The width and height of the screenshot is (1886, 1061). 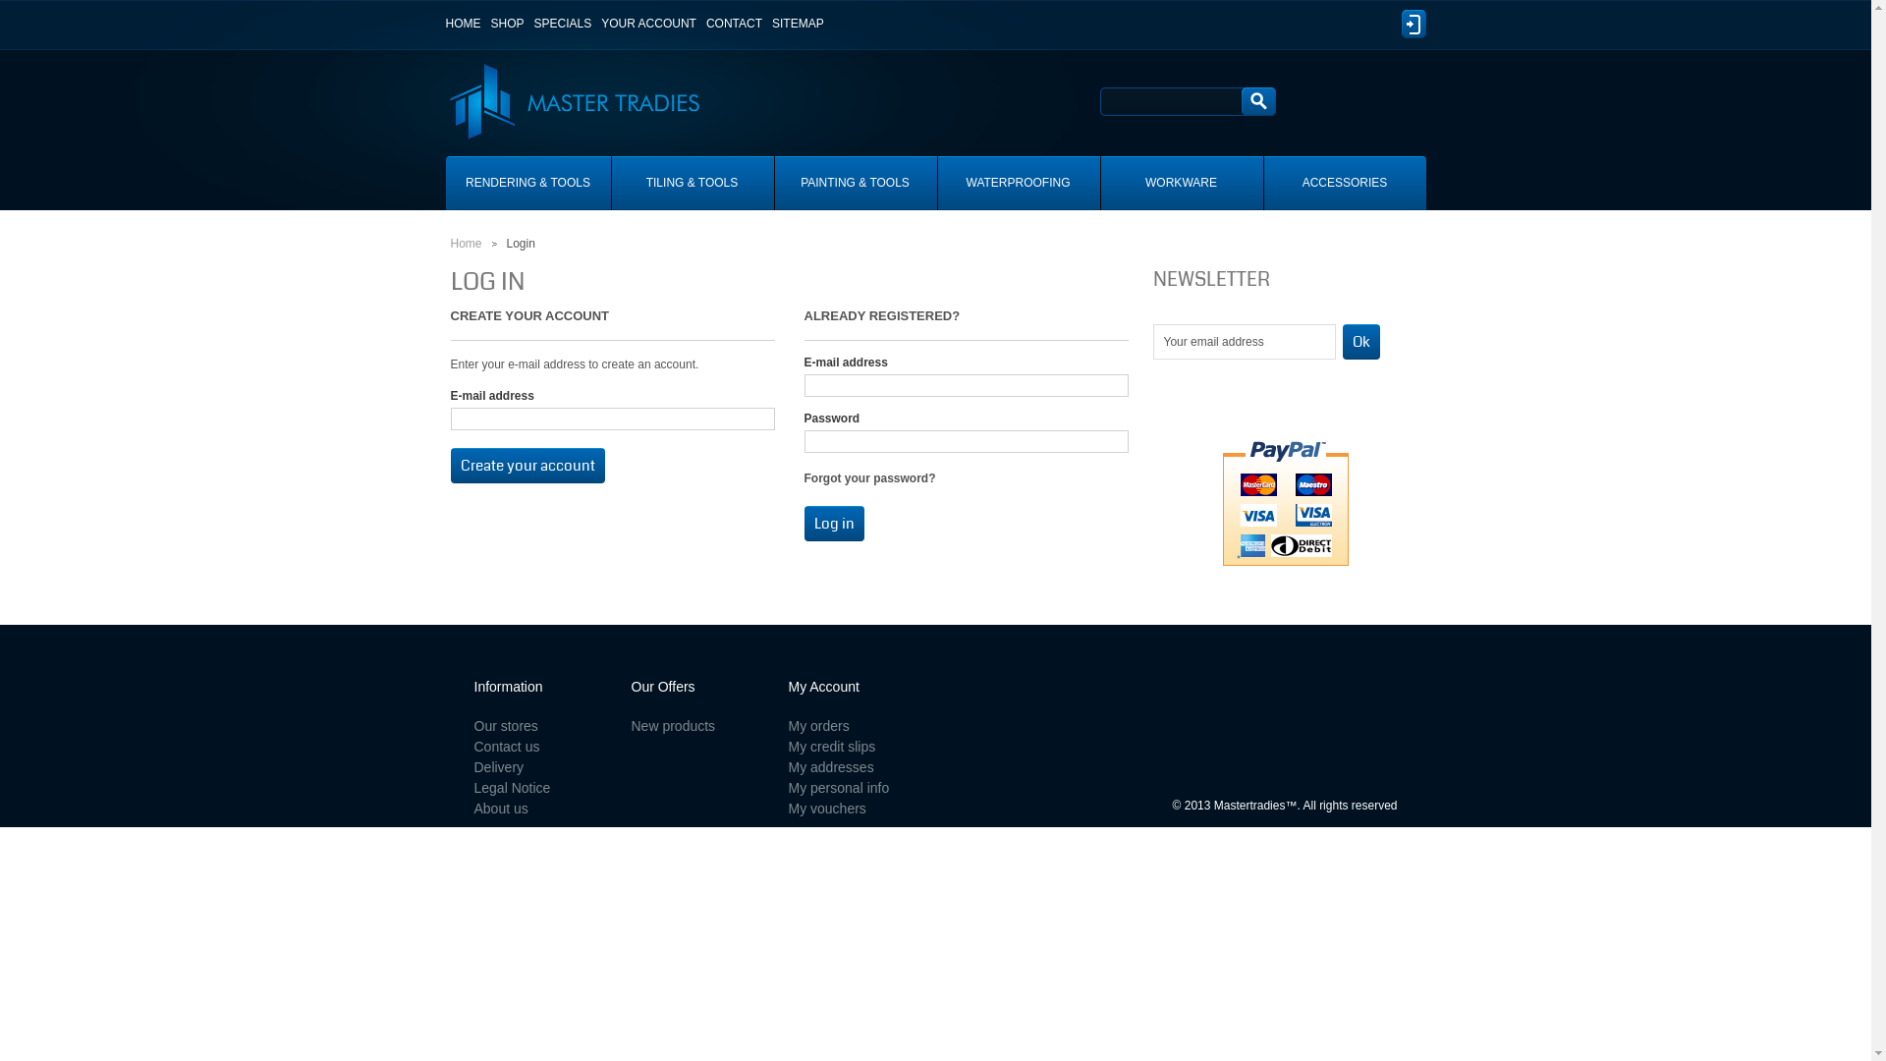 I want to click on 'CONTACT', so click(x=733, y=23).